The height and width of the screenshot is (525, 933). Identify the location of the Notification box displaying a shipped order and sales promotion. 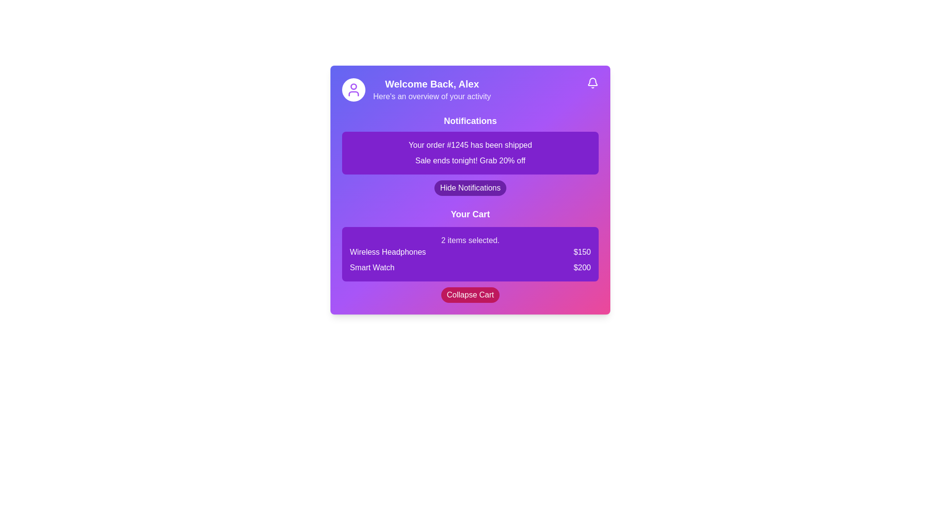
(470, 153).